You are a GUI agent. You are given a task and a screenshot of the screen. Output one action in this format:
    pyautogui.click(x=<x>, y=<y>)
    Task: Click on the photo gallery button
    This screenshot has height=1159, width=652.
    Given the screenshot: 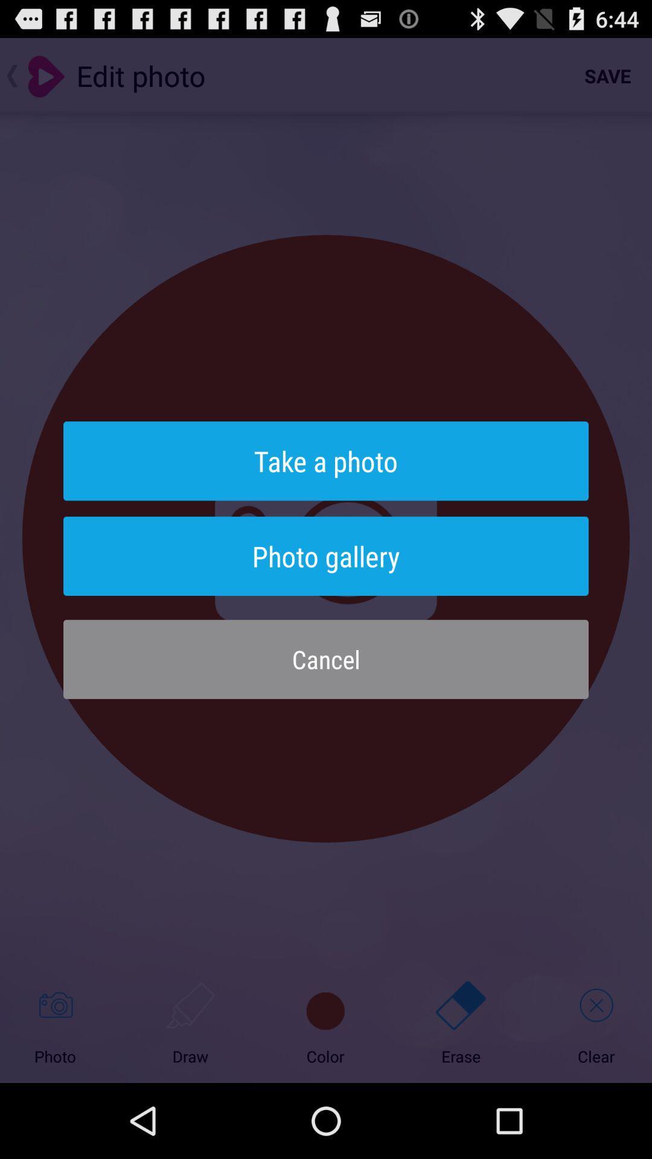 What is the action you would take?
    pyautogui.click(x=326, y=555)
    